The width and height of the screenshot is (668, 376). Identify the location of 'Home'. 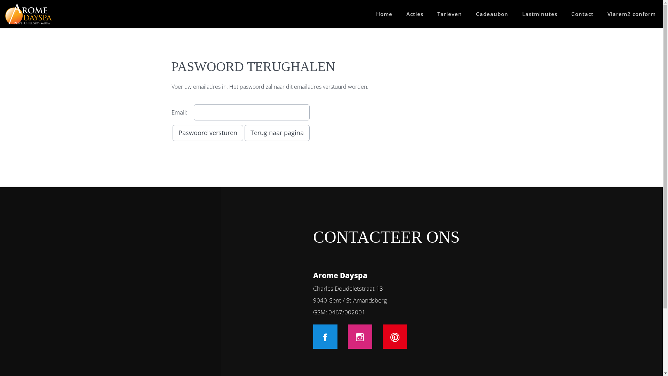
(368, 14).